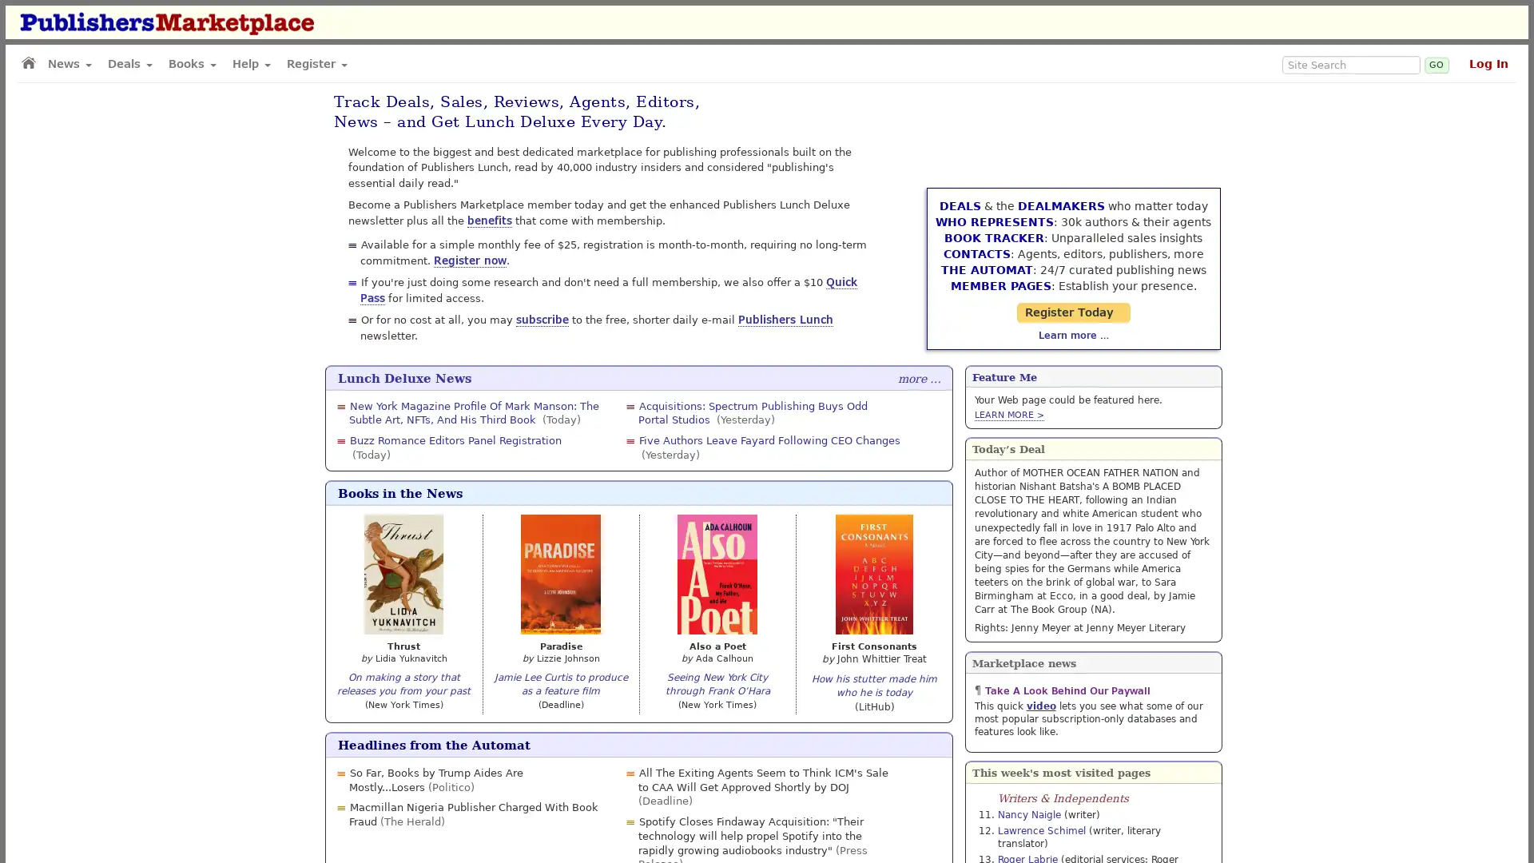 This screenshot has width=1534, height=863. What do you see at coordinates (1437, 64) in the screenshot?
I see `GO` at bounding box center [1437, 64].